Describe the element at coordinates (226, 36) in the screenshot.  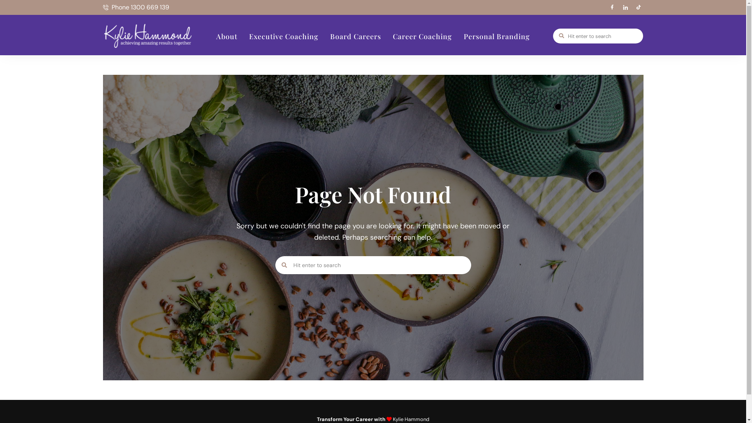
I see `'About'` at that location.